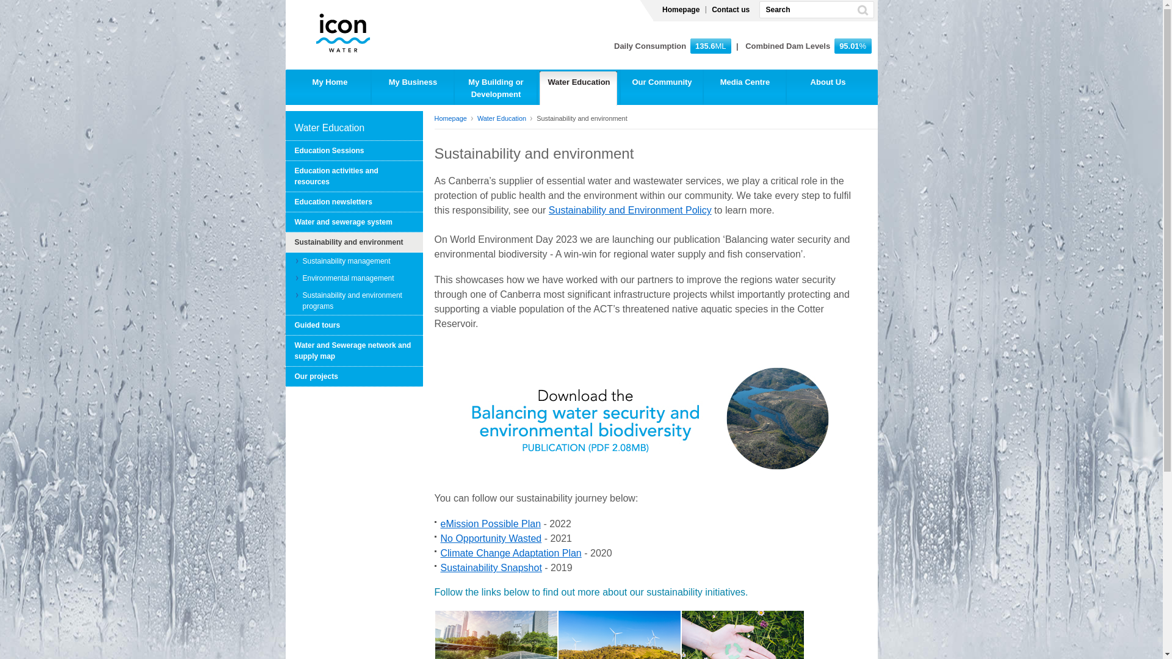 The width and height of the screenshot is (1172, 659). What do you see at coordinates (491, 538) in the screenshot?
I see `'No Opportunity Wasted'` at bounding box center [491, 538].